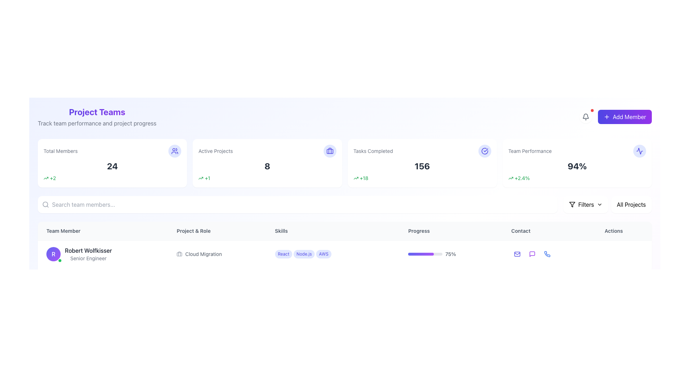  Describe the element at coordinates (517, 254) in the screenshot. I see `the mail icon button in the 'Contact' column for 'Robert Wolfkisser'` at that location.